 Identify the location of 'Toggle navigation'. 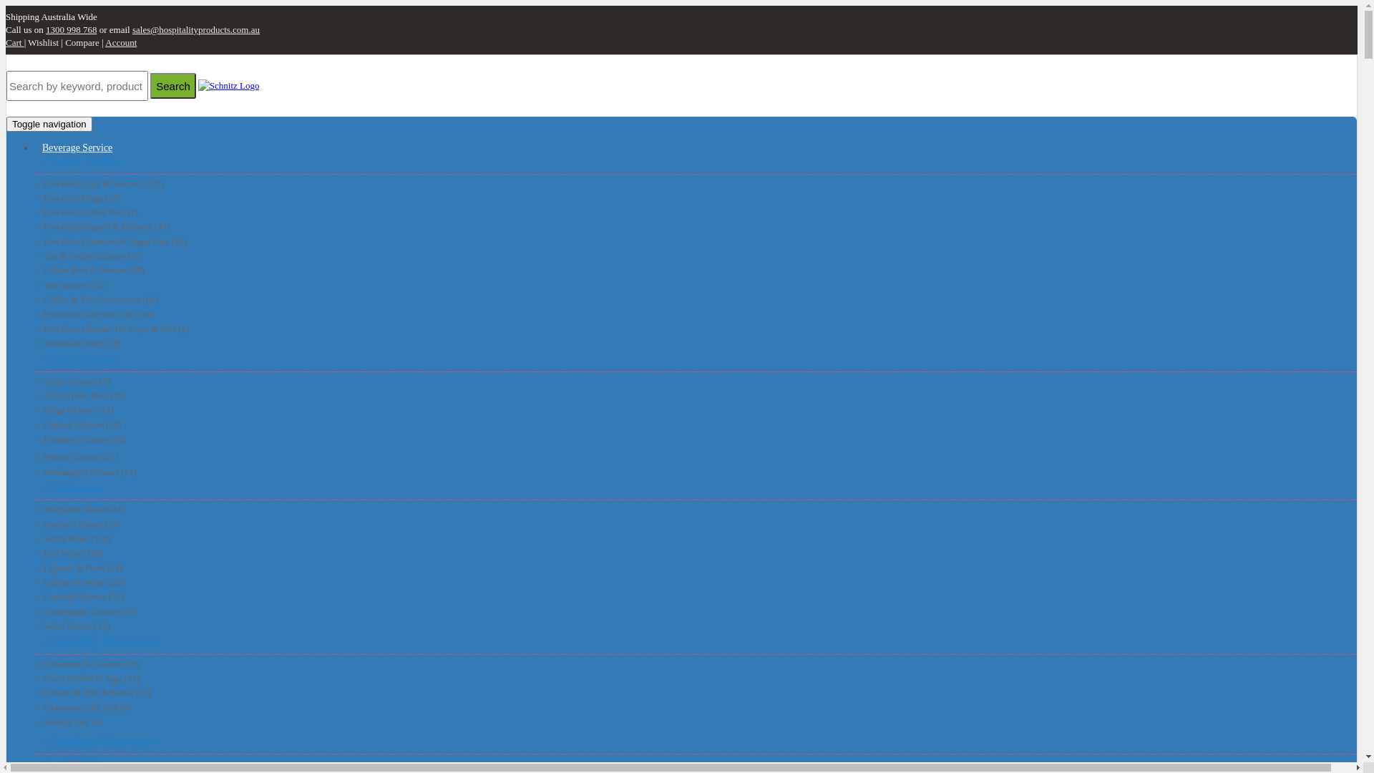
(49, 123).